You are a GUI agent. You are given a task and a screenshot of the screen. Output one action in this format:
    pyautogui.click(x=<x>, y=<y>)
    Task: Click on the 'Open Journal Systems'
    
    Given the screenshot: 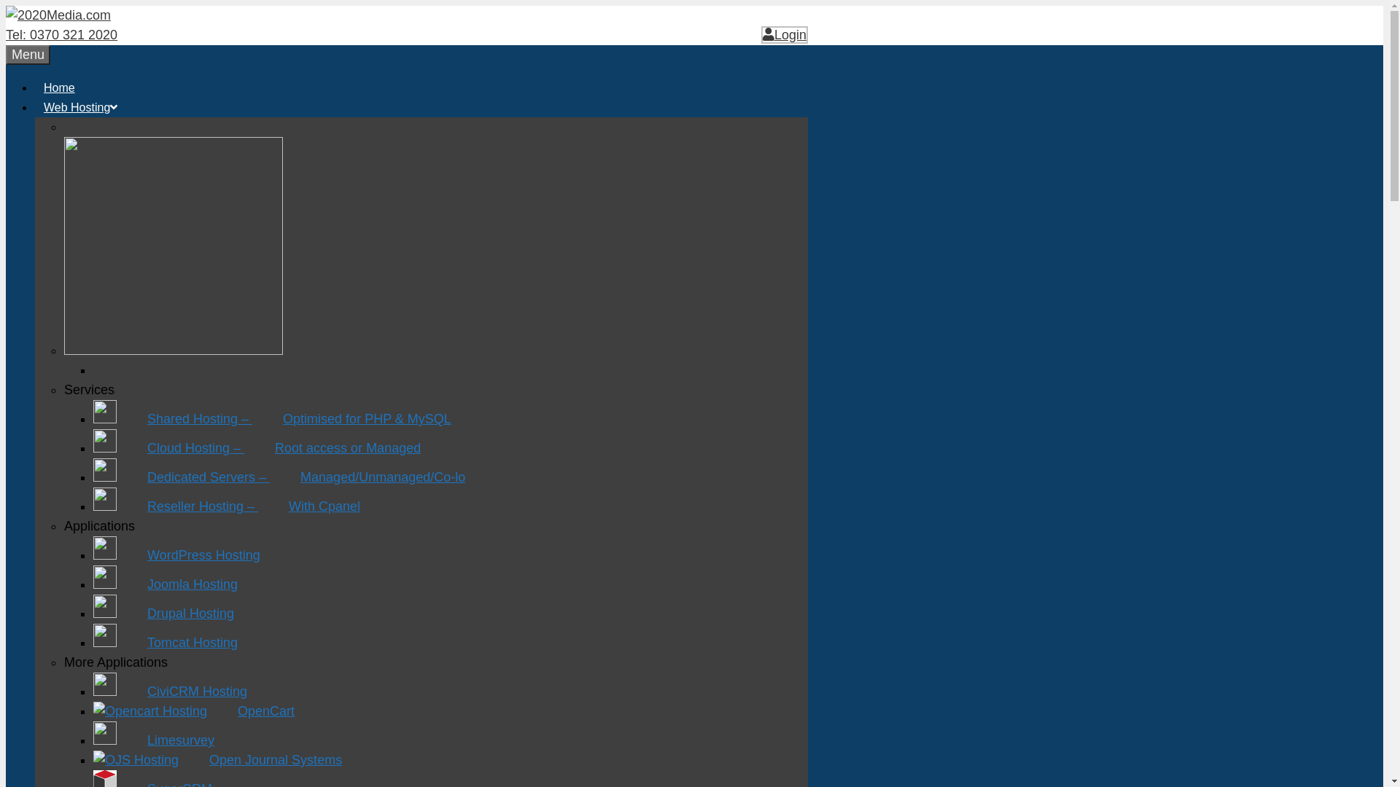 What is the action you would take?
    pyautogui.click(x=93, y=759)
    